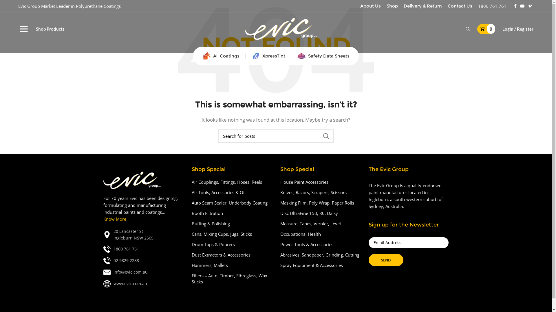  I want to click on 'Cans, Mixing Cups, Jugs, Sticks', so click(222, 234).